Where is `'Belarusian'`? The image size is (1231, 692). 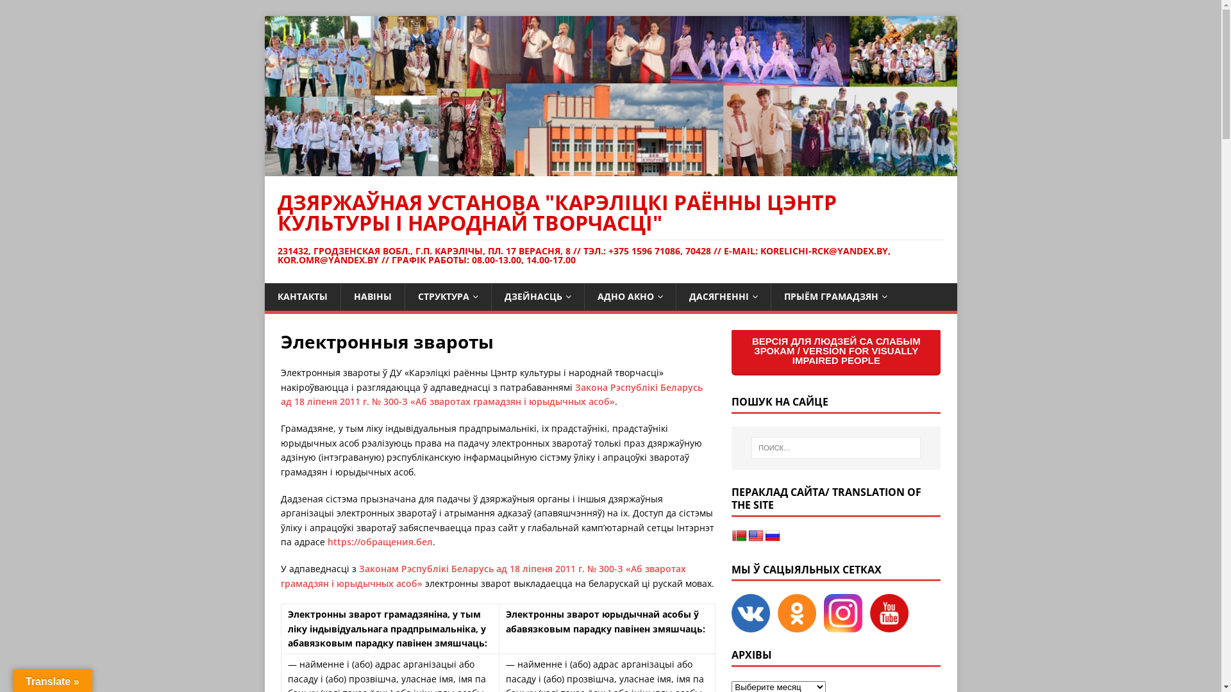
'Belarusian' is located at coordinates (739, 536).